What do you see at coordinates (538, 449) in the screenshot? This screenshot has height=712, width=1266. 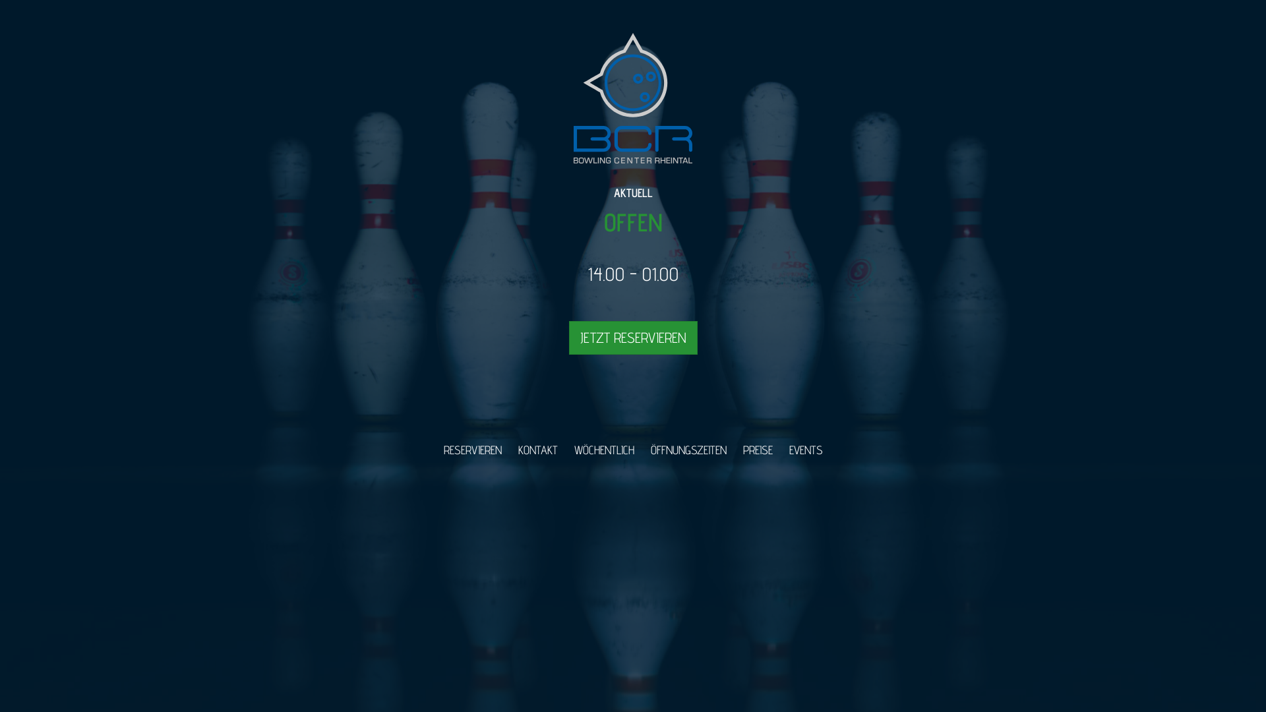 I see `'KONTAKT'` at bounding box center [538, 449].